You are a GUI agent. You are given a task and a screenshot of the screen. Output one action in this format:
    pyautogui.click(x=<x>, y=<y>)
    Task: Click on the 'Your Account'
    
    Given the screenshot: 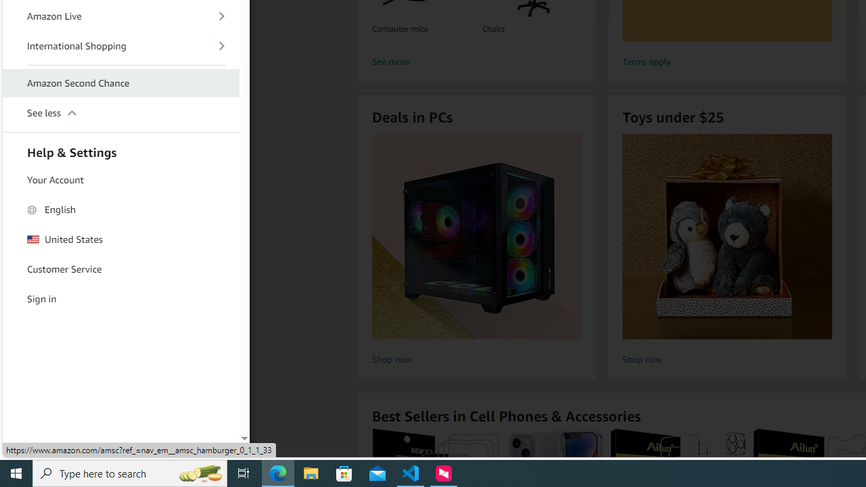 What is the action you would take?
    pyautogui.click(x=121, y=179)
    